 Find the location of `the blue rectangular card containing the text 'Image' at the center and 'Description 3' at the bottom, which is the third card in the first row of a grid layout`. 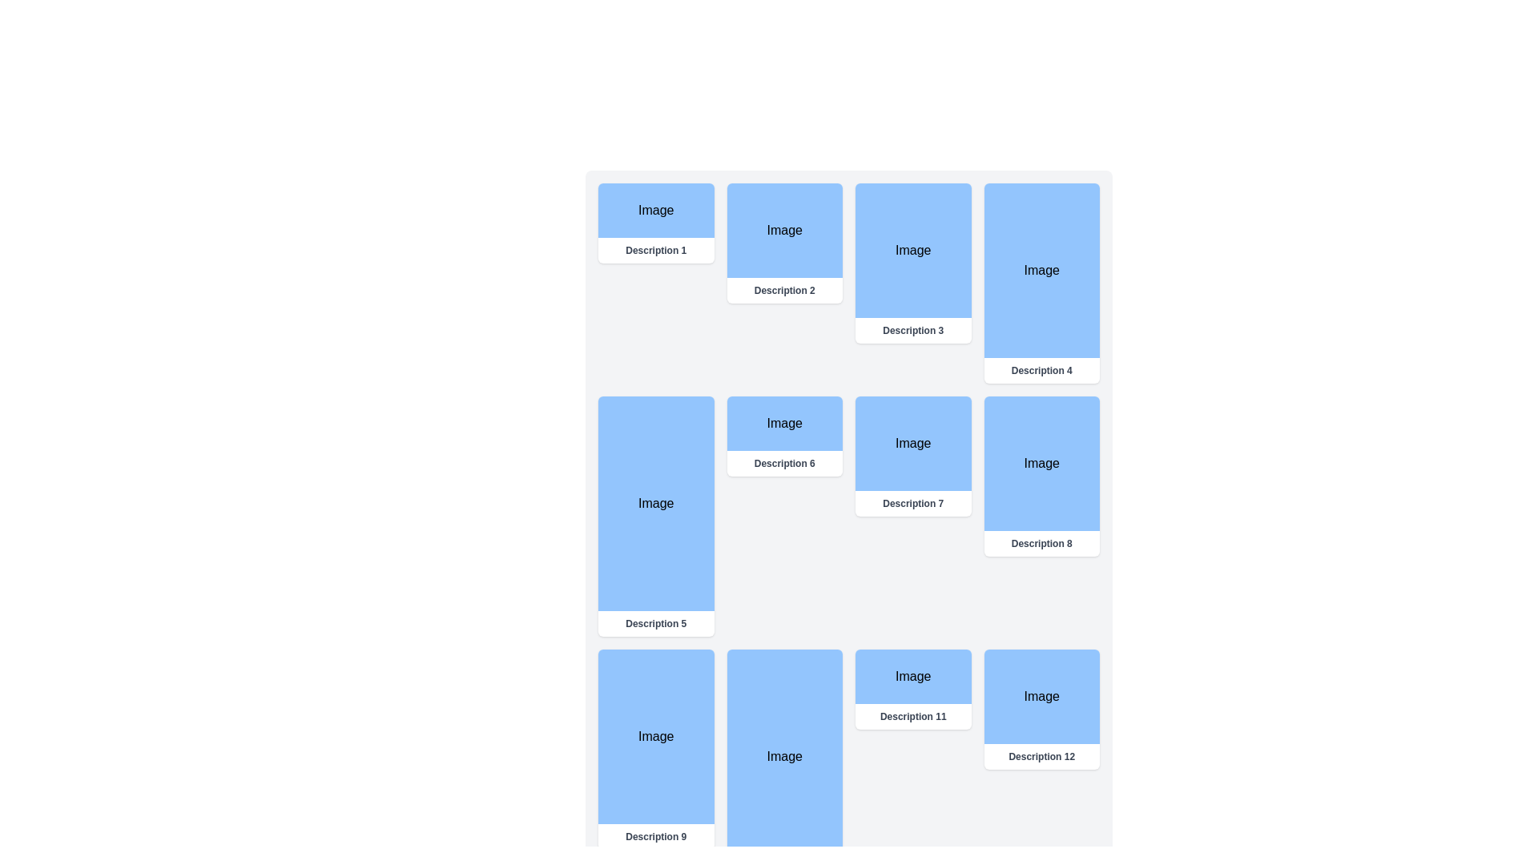

the blue rectangular card containing the text 'Image' at the center and 'Description 3' at the bottom, which is the third card in the first row of a grid layout is located at coordinates (913, 262).